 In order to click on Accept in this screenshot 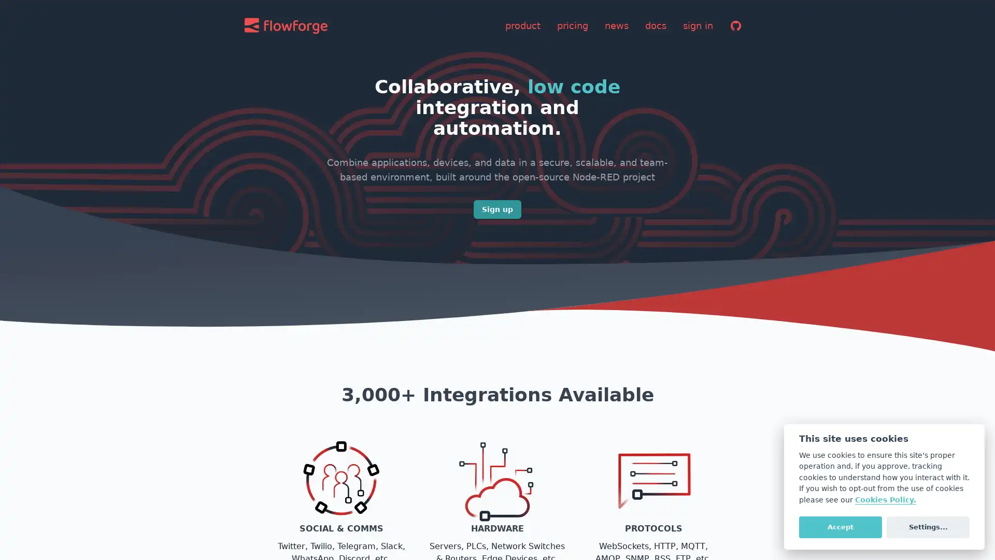, I will do `click(840, 526)`.